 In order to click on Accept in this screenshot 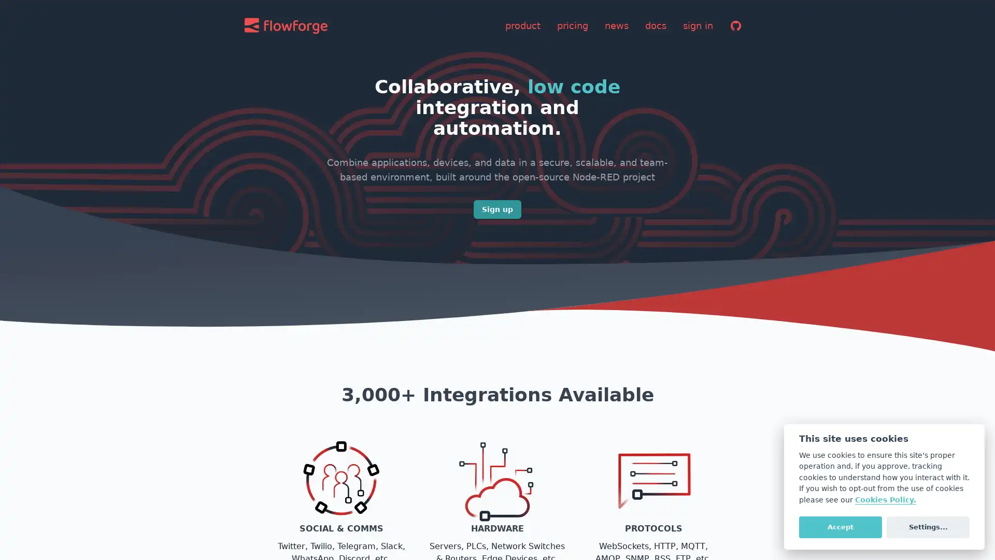, I will do `click(840, 526)`.